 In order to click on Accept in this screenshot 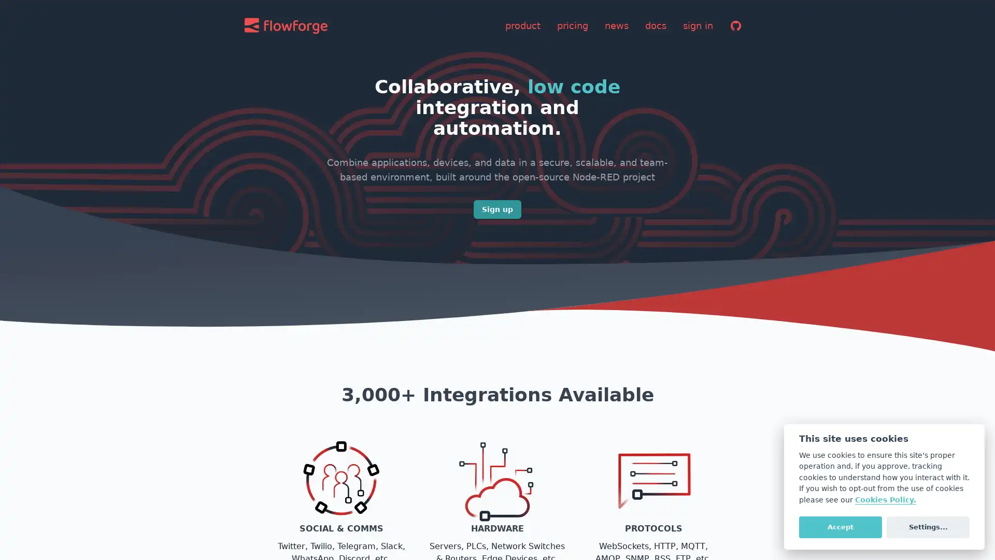, I will do `click(840, 526)`.